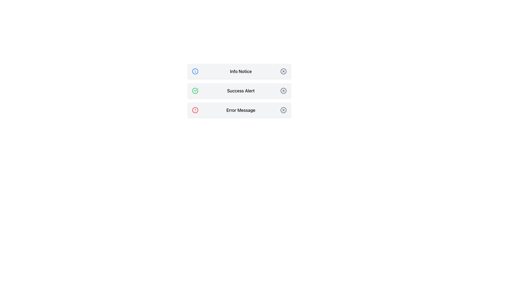 The height and width of the screenshot is (291, 517). What do you see at coordinates (239, 71) in the screenshot?
I see `the 'Info Notice' notification alert, which is the first rectangular notification block with a blue information icon on the left and a close icon on the right` at bounding box center [239, 71].